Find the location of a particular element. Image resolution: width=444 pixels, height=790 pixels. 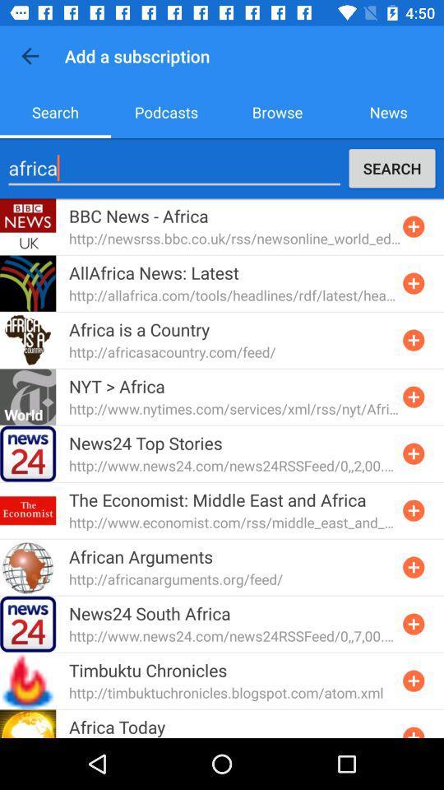

the item to the left of add a subscription app is located at coordinates (30, 56).